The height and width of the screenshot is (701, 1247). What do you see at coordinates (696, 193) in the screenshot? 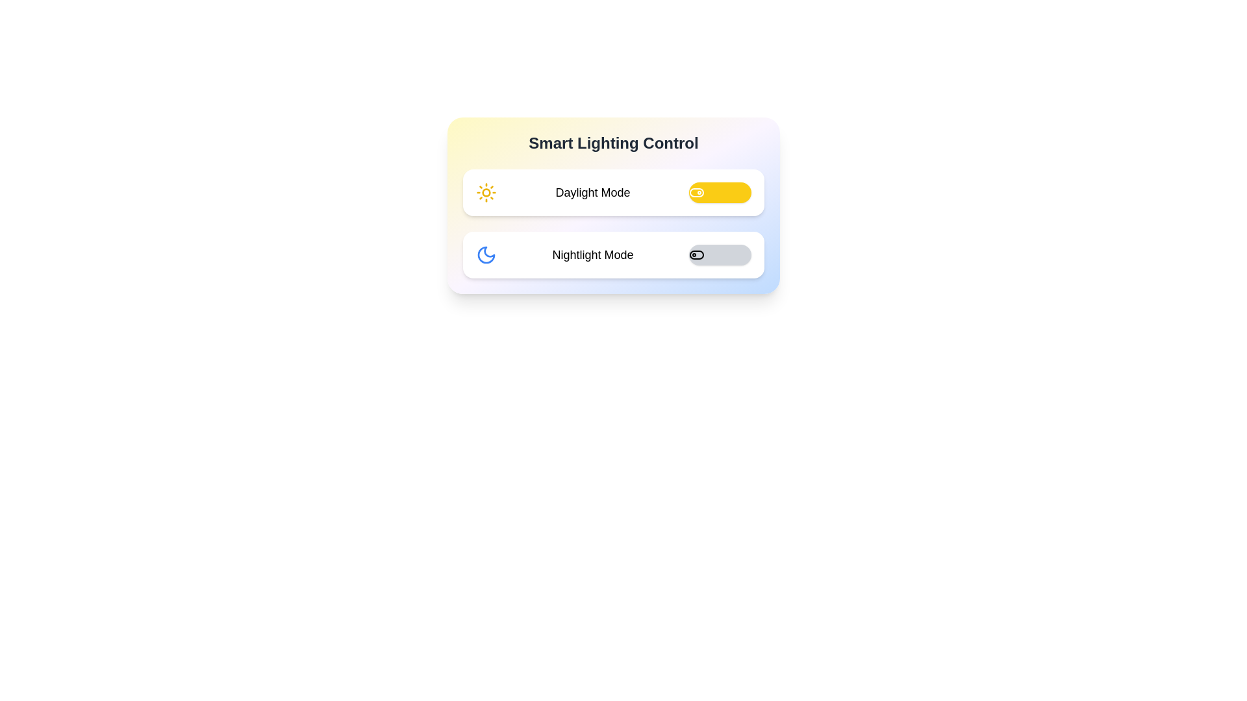
I see `the Toggle background of the 'Daylight Mode' option, which is a yellow rectangular shape with rounded corners located within the toggle component` at bounding box center [696, 193].